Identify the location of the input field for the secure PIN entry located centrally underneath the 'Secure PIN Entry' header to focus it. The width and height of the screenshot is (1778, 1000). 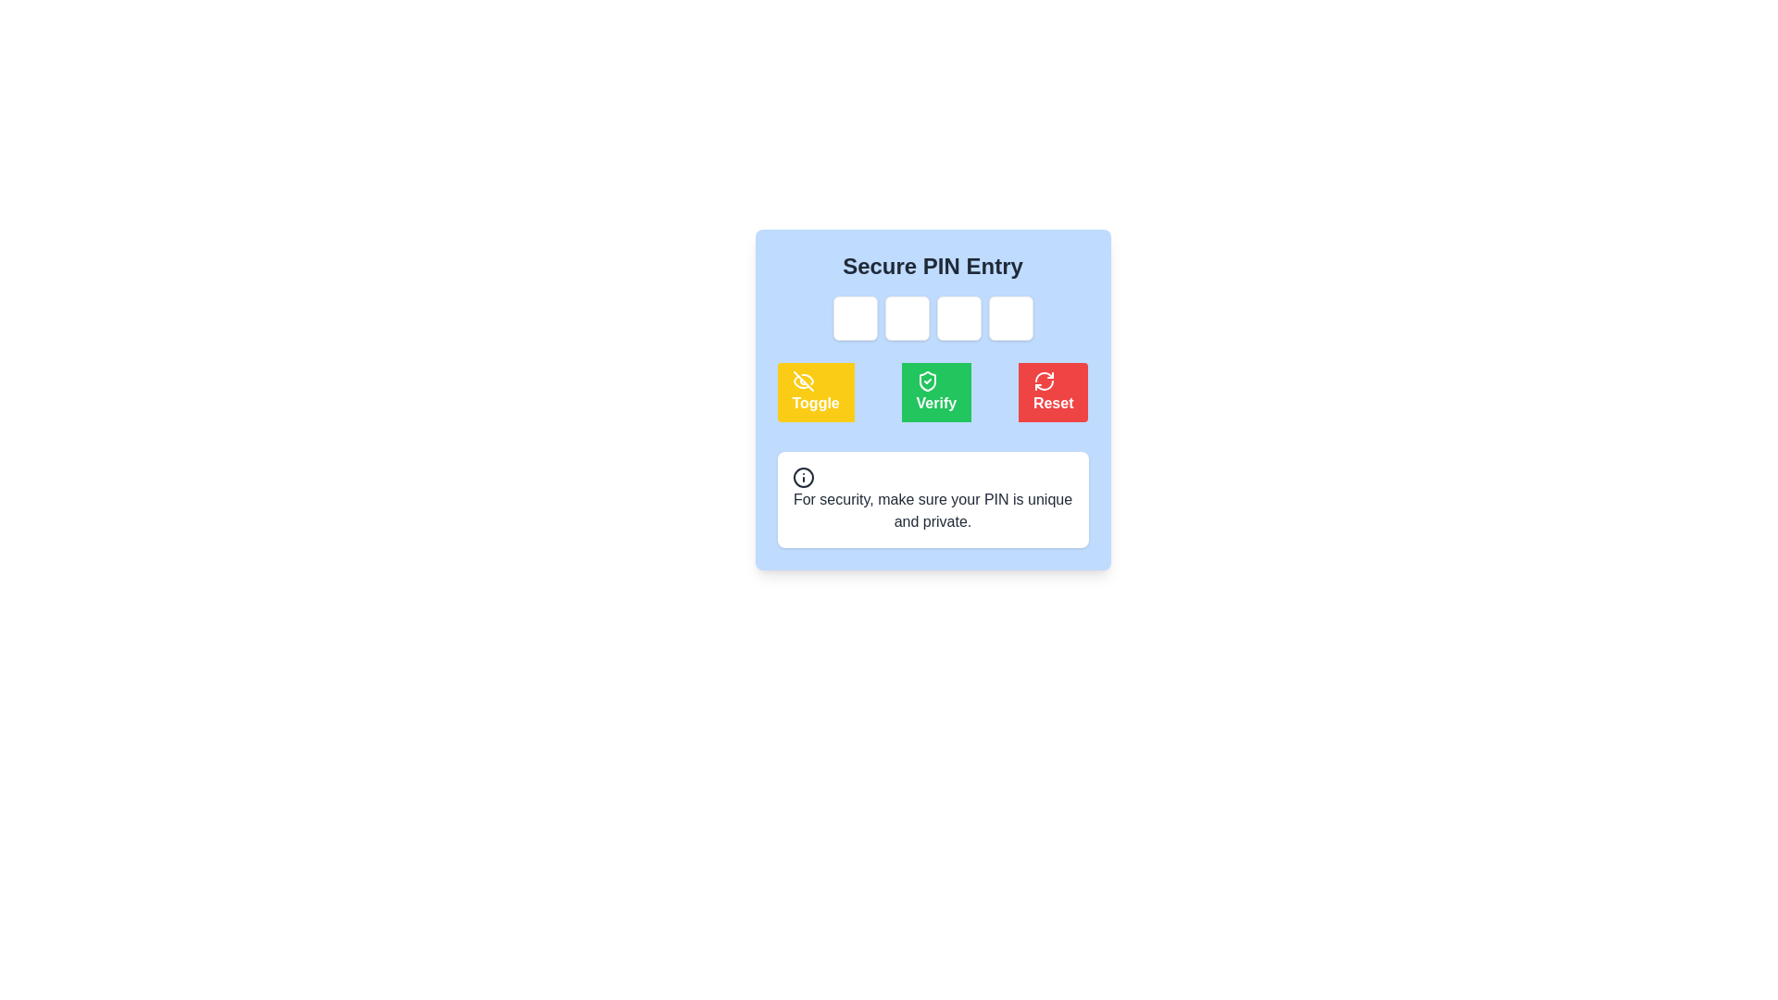
(933, 317).